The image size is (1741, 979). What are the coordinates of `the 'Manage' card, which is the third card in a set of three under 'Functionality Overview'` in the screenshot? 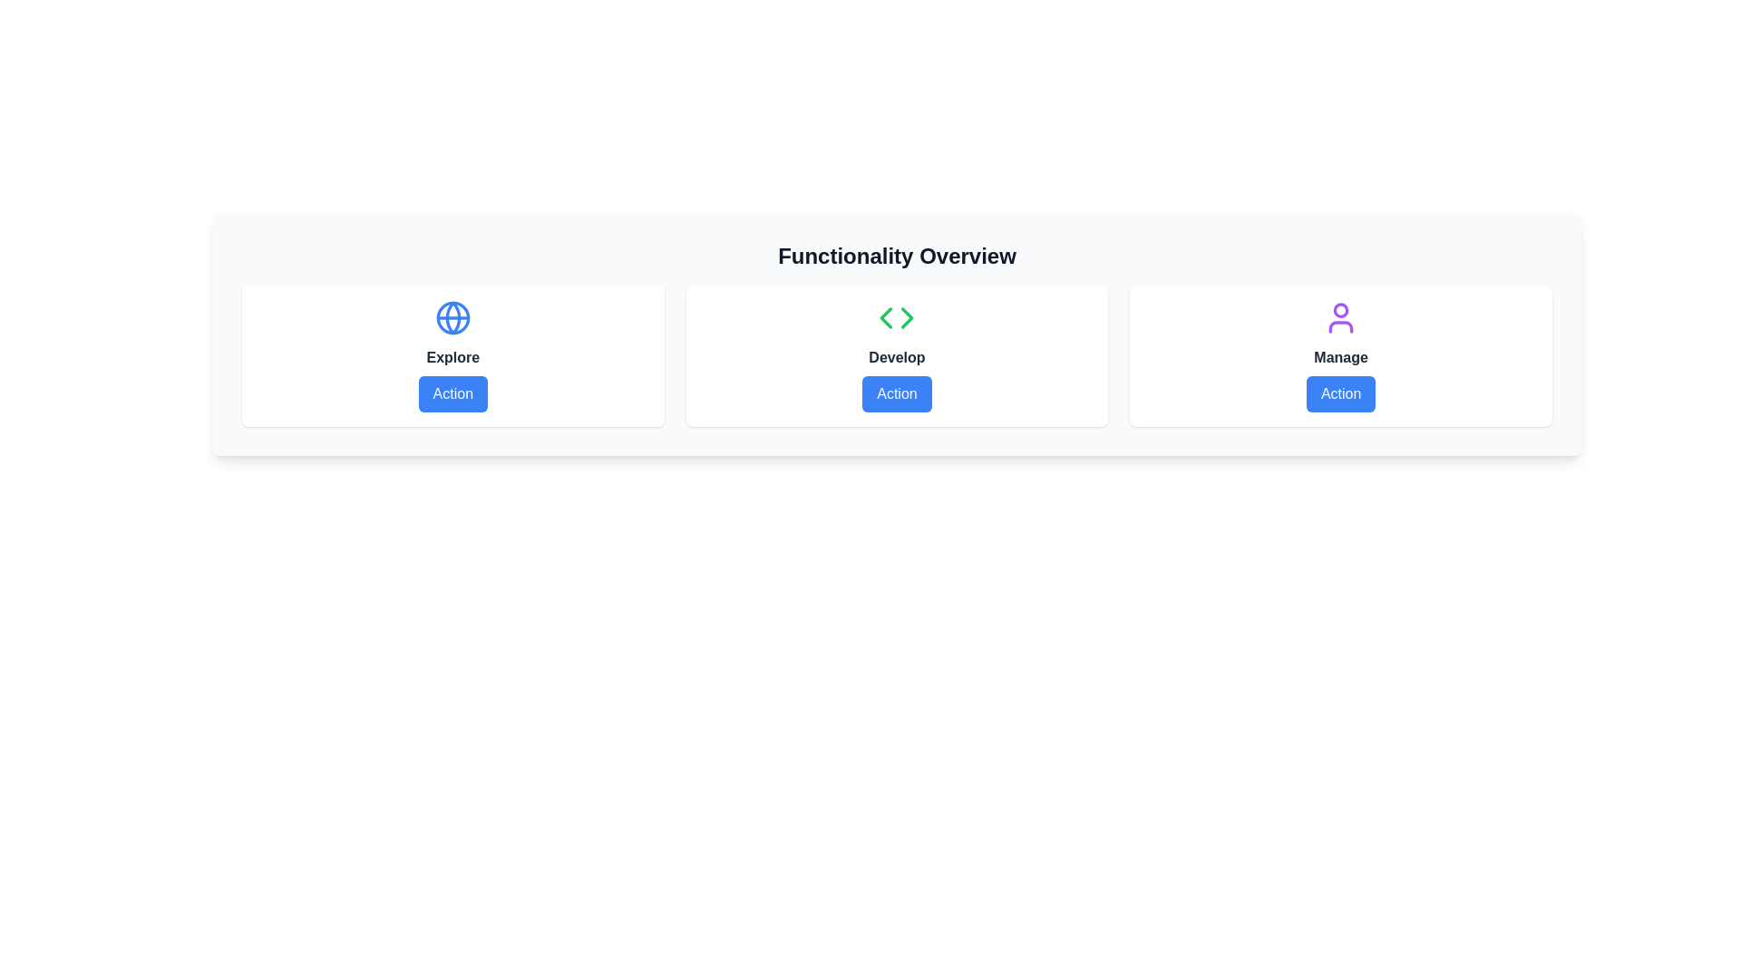 It's located at (1341, 356).